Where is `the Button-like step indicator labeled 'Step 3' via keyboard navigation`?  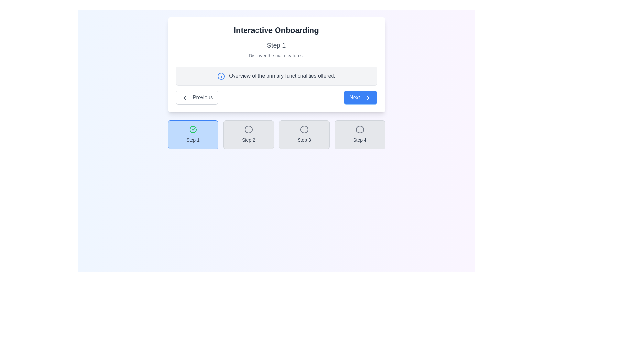
the Button-like step indicator labeled 'Step 3' via keyboard navigation is located at coordinates (304, 134).